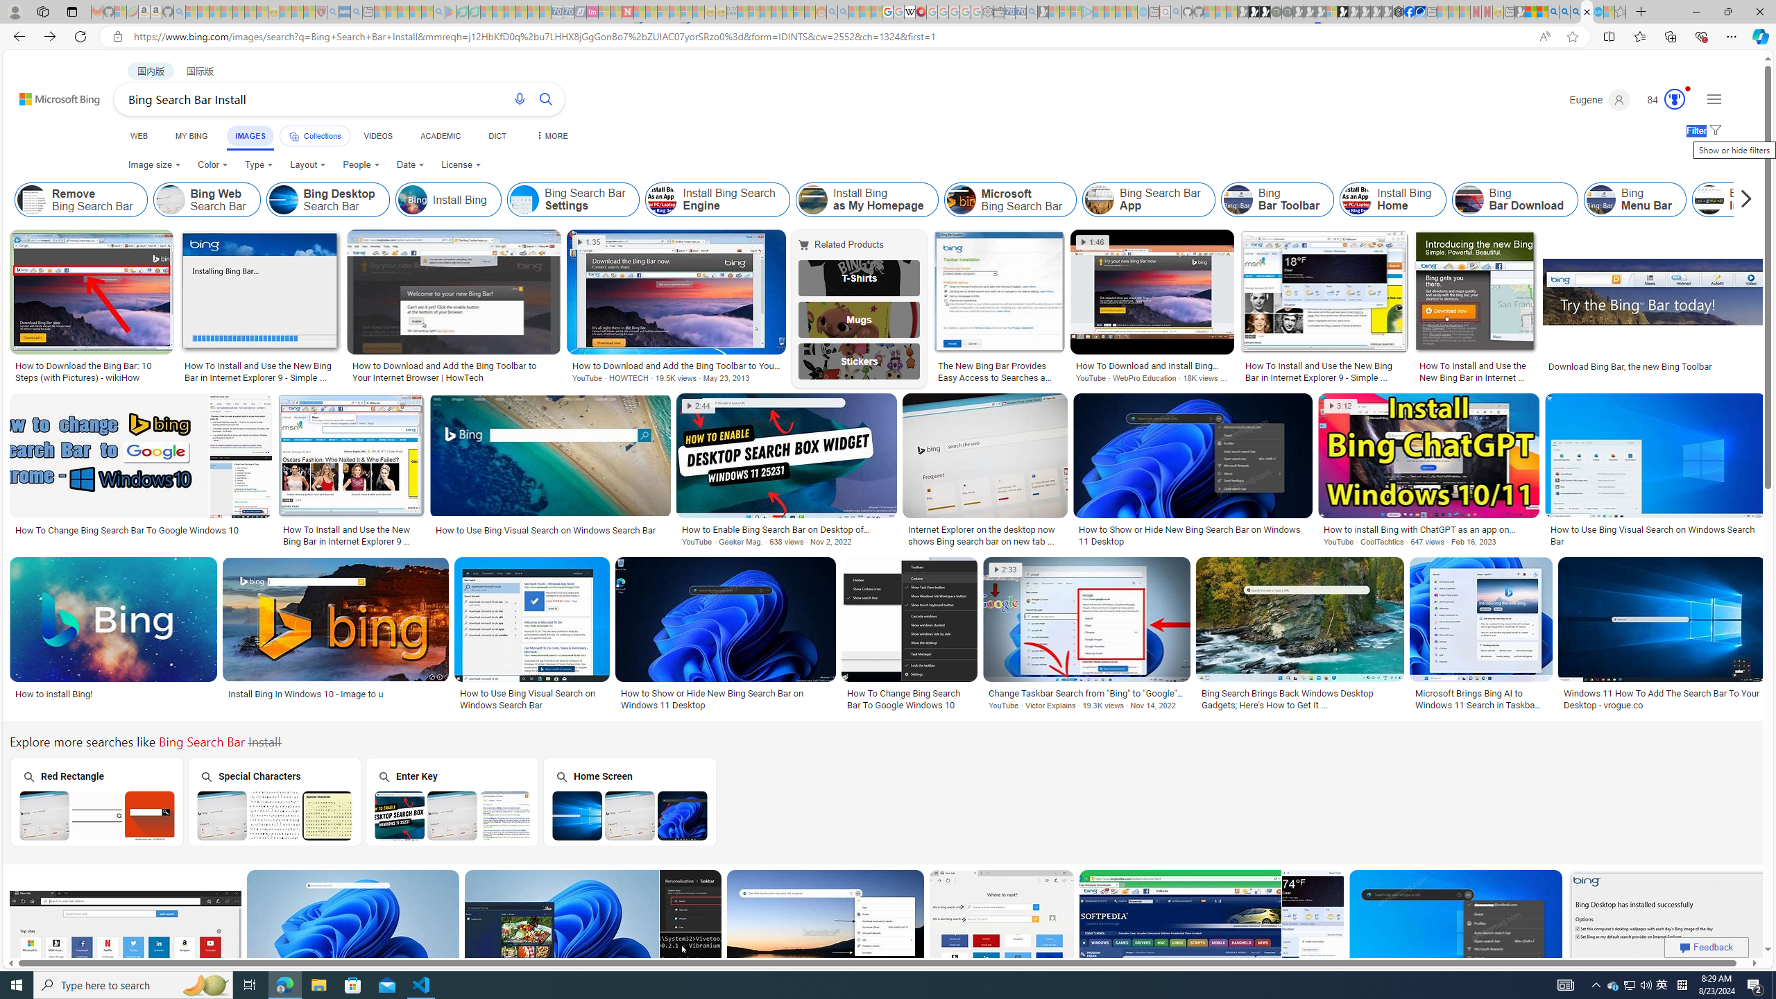  Describe the element at coordinates (212, 164) in the screenshot. I see `'Color'` at that location.